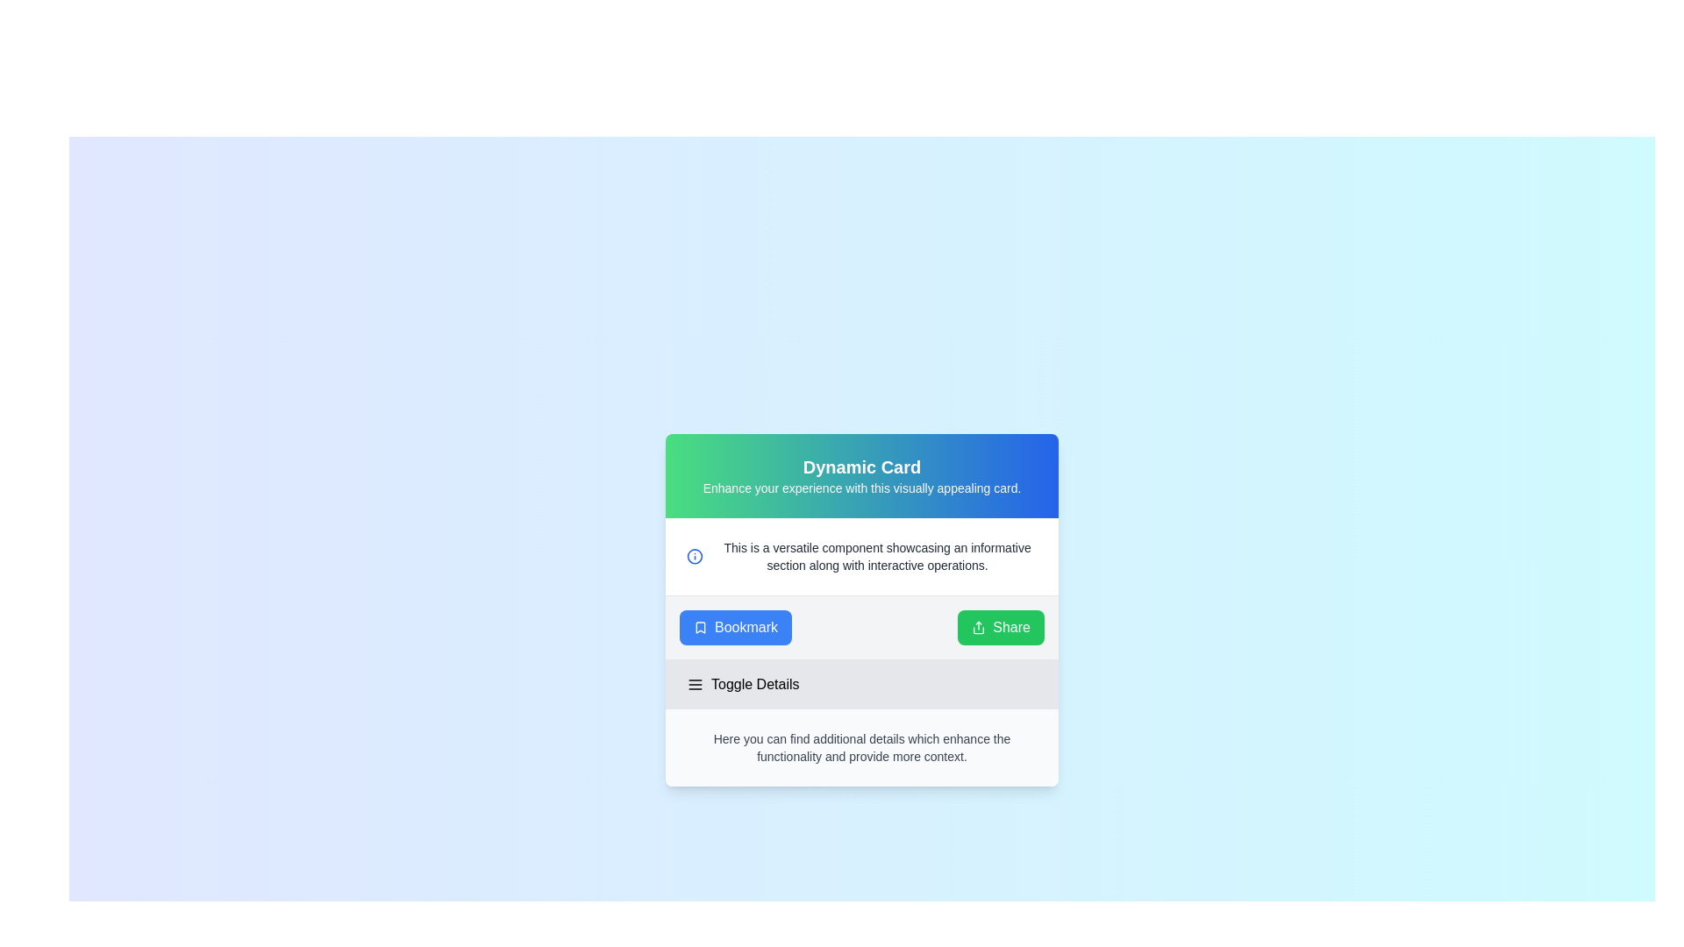 The image size is (1684, 947). I want to click on the 'Toggle Details' section located at the bottom of the 'Dynamic Card', below the 'Bookmark' and 'Share' buttons, so click(862, 723).